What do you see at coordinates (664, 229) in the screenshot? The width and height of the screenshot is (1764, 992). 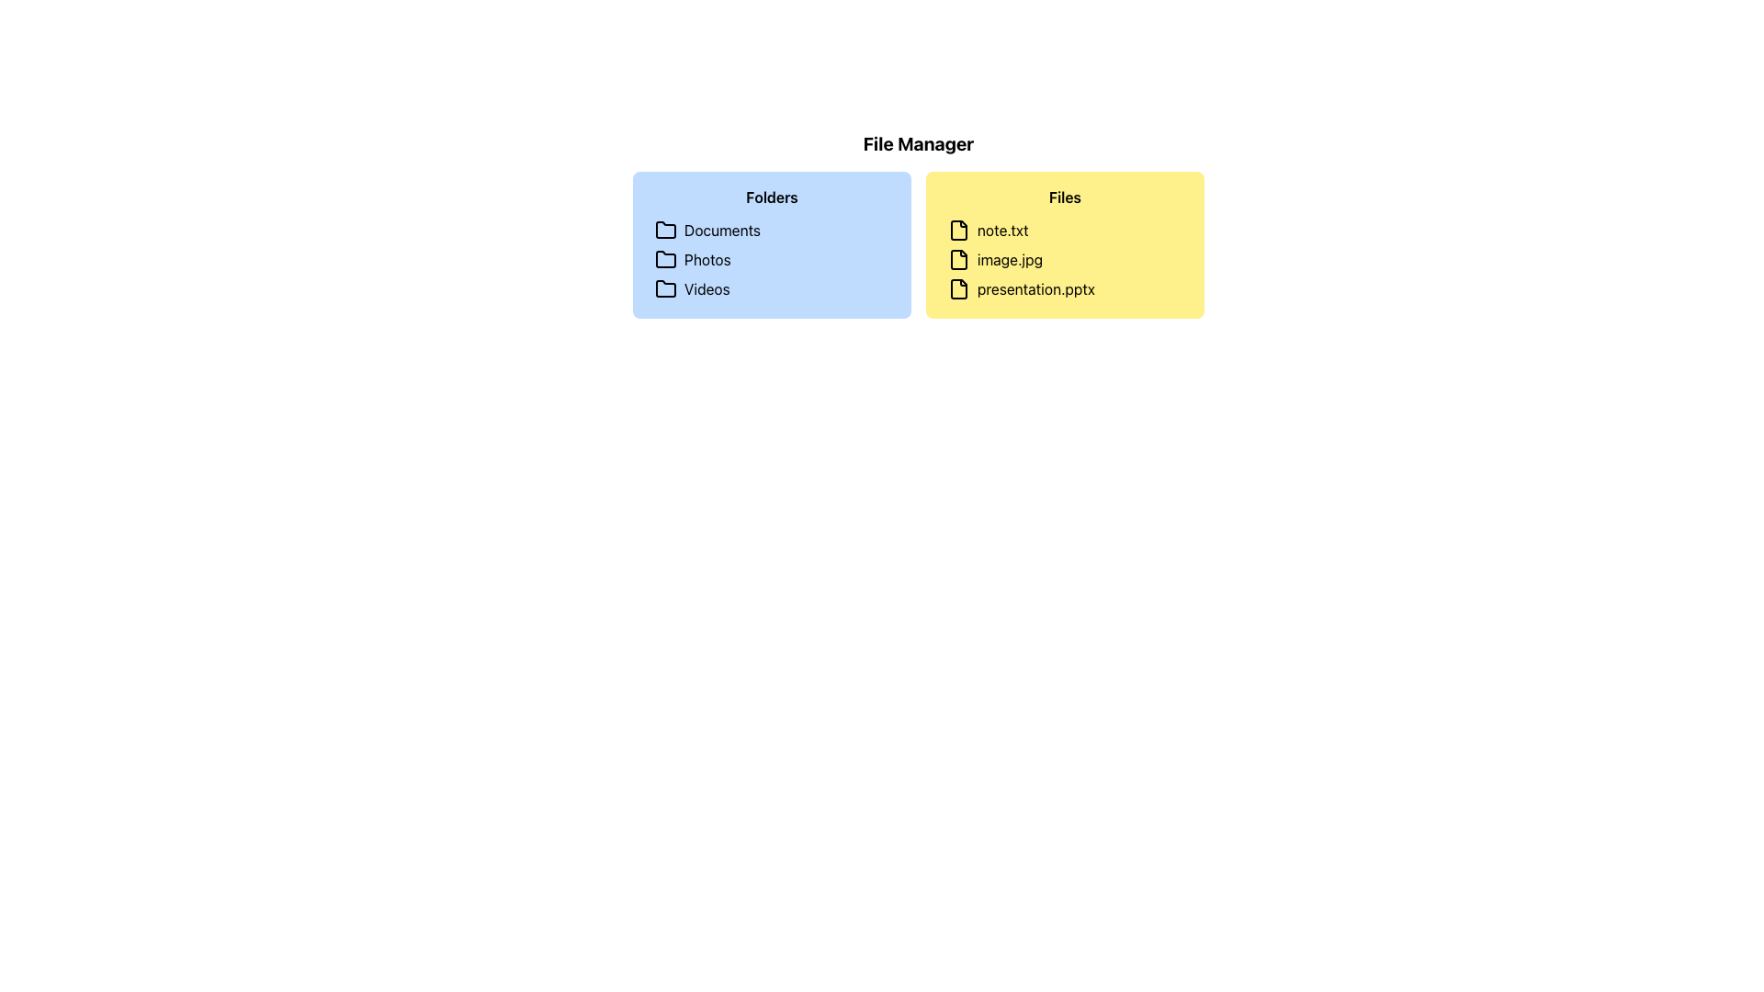 I see `the small folder icon styled as a line drawing, which is located in the blue 'Folders' section of the file manager interface, positioned to the left of the 'Documents' label` at bounding box center [664, 229].